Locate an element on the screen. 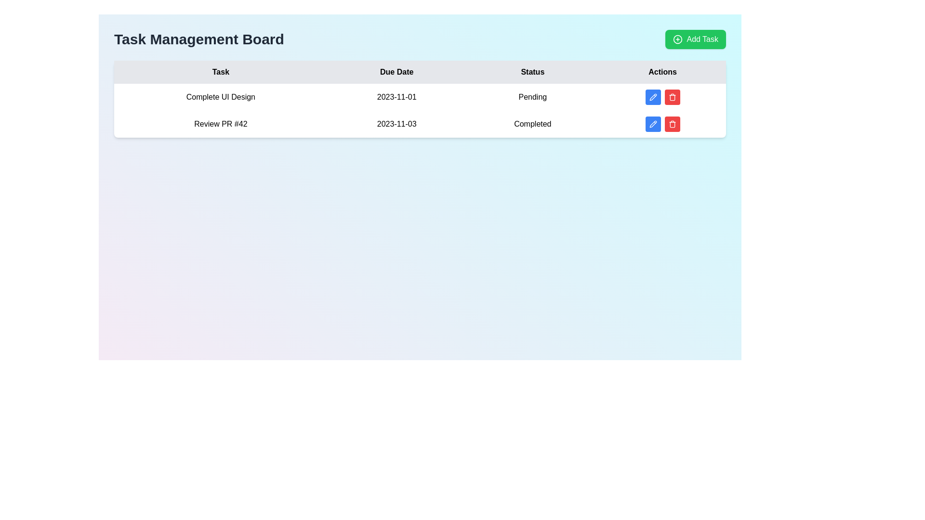 This screenshot has height=520, width=925. the edit button located in the second row of the 'Actions' column in the table, which is the first blue button immediately to the left of the delete button is located at coordinates (653, 124).